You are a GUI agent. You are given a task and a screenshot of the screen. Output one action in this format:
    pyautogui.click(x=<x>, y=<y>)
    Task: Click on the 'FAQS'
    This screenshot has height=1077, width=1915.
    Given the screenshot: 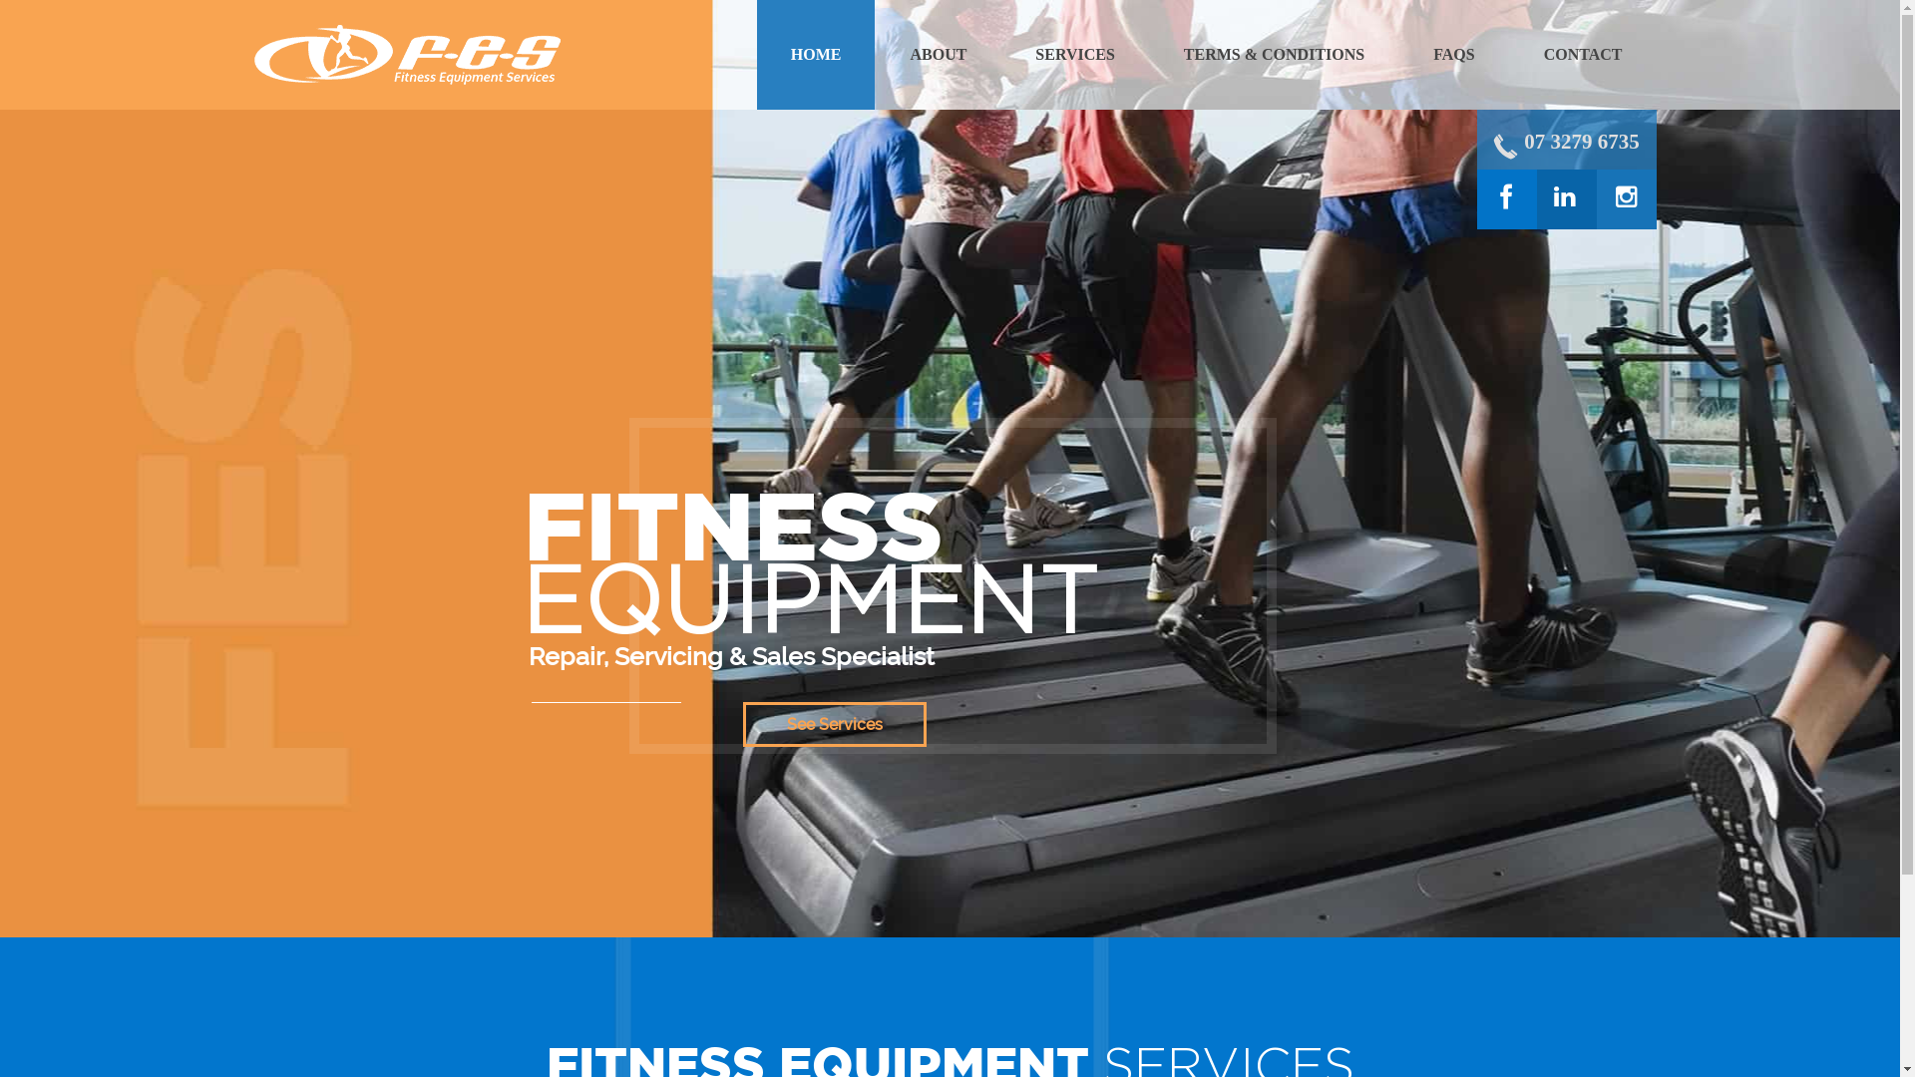 What is the action you would take?
    pyautogui.click(x=1453, y=53)
    